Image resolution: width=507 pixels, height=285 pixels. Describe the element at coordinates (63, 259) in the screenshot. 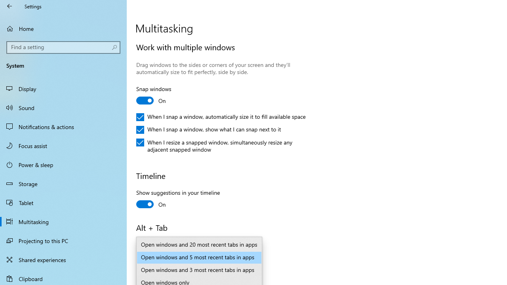

I see `'Shared experiences'` at that location.